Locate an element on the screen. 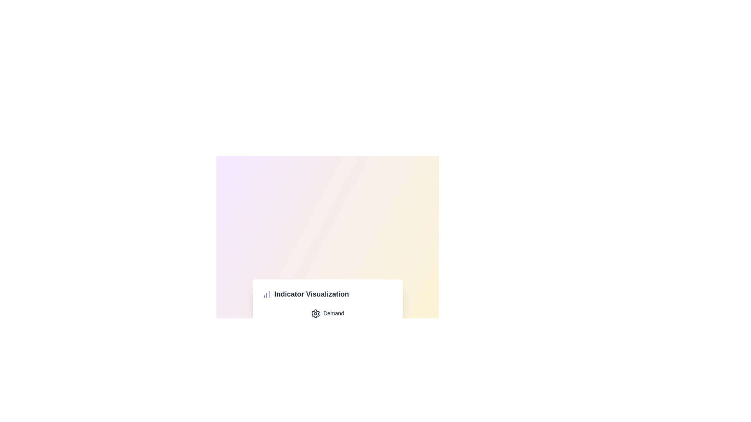  the icon next to the label Demand is located at coordinates (316, 313).